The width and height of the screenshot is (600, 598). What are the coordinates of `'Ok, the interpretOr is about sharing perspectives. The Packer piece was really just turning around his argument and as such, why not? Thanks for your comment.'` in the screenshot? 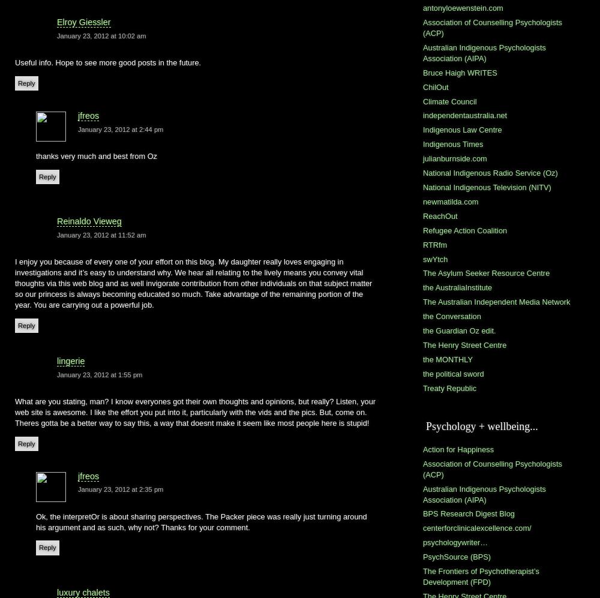 It's located at (200, 521).